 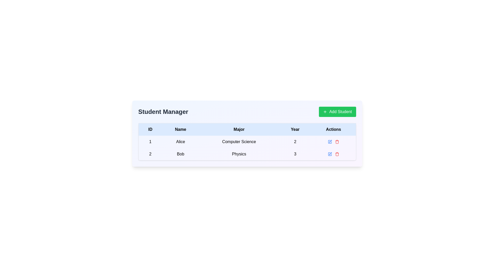 I want to click on the text label 'Actions' which is styled in bold and located at the rightmost end of the tabular header containing other labels such as 'ID', 'Name', 'Major', and 'Year', so click(x=334, y=129).